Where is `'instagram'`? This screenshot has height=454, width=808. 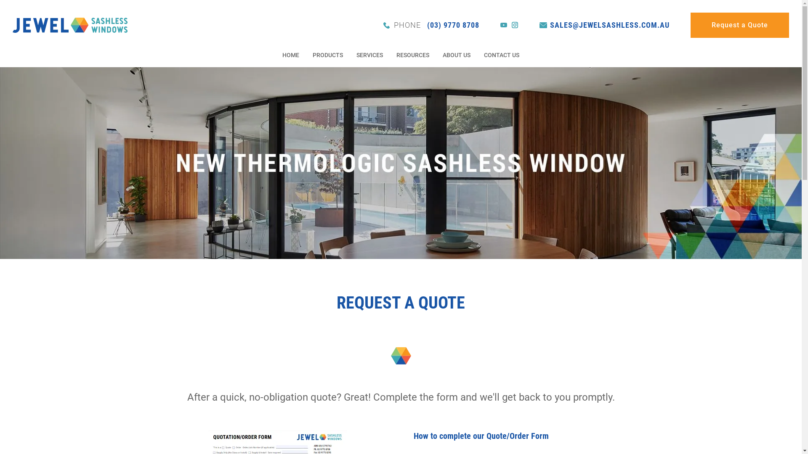
'instagram' is located at coordinates (515, 25).